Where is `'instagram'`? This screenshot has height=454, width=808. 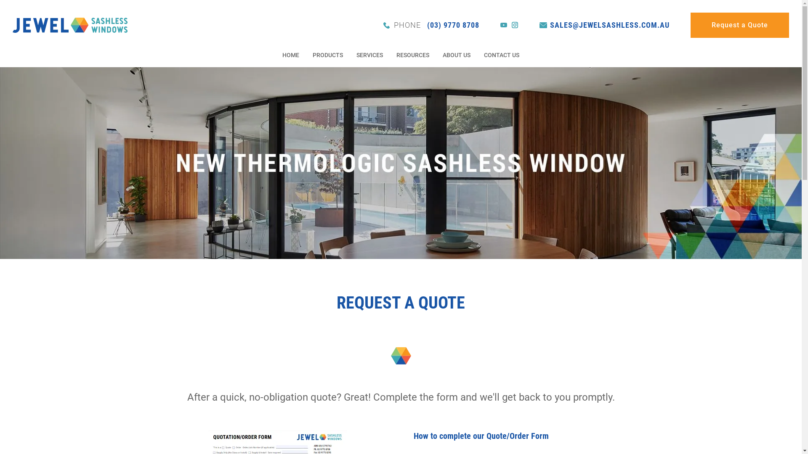
'instagram' is located at coordinates (515, 25).